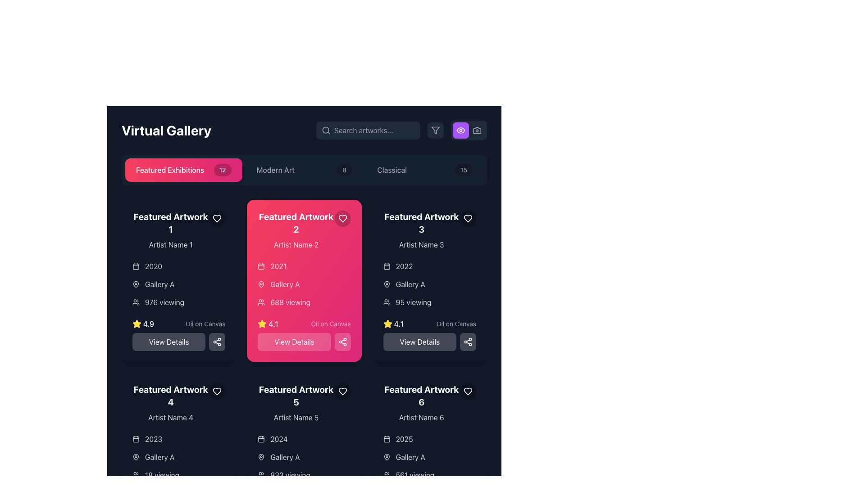  I want to click on the heart-shaped icon button in the top-right corner of the 'Featured Artwork 2' card, so click(342, 219).